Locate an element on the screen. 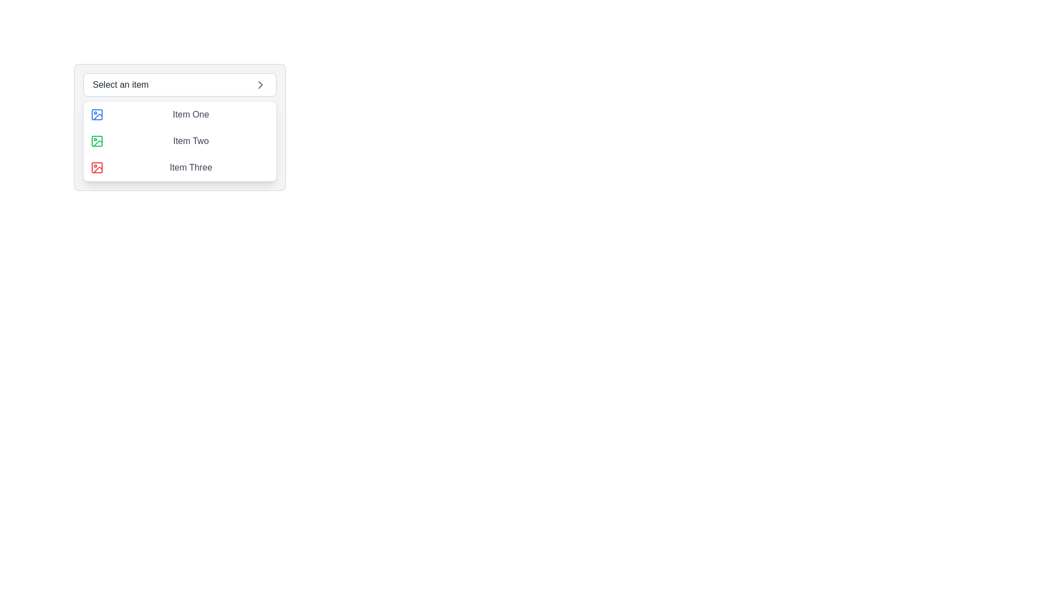  the right-pointing gray chevron icon that indicates additional options in the 'Select an item' dropdown menu is located at coordinates (259, 84).